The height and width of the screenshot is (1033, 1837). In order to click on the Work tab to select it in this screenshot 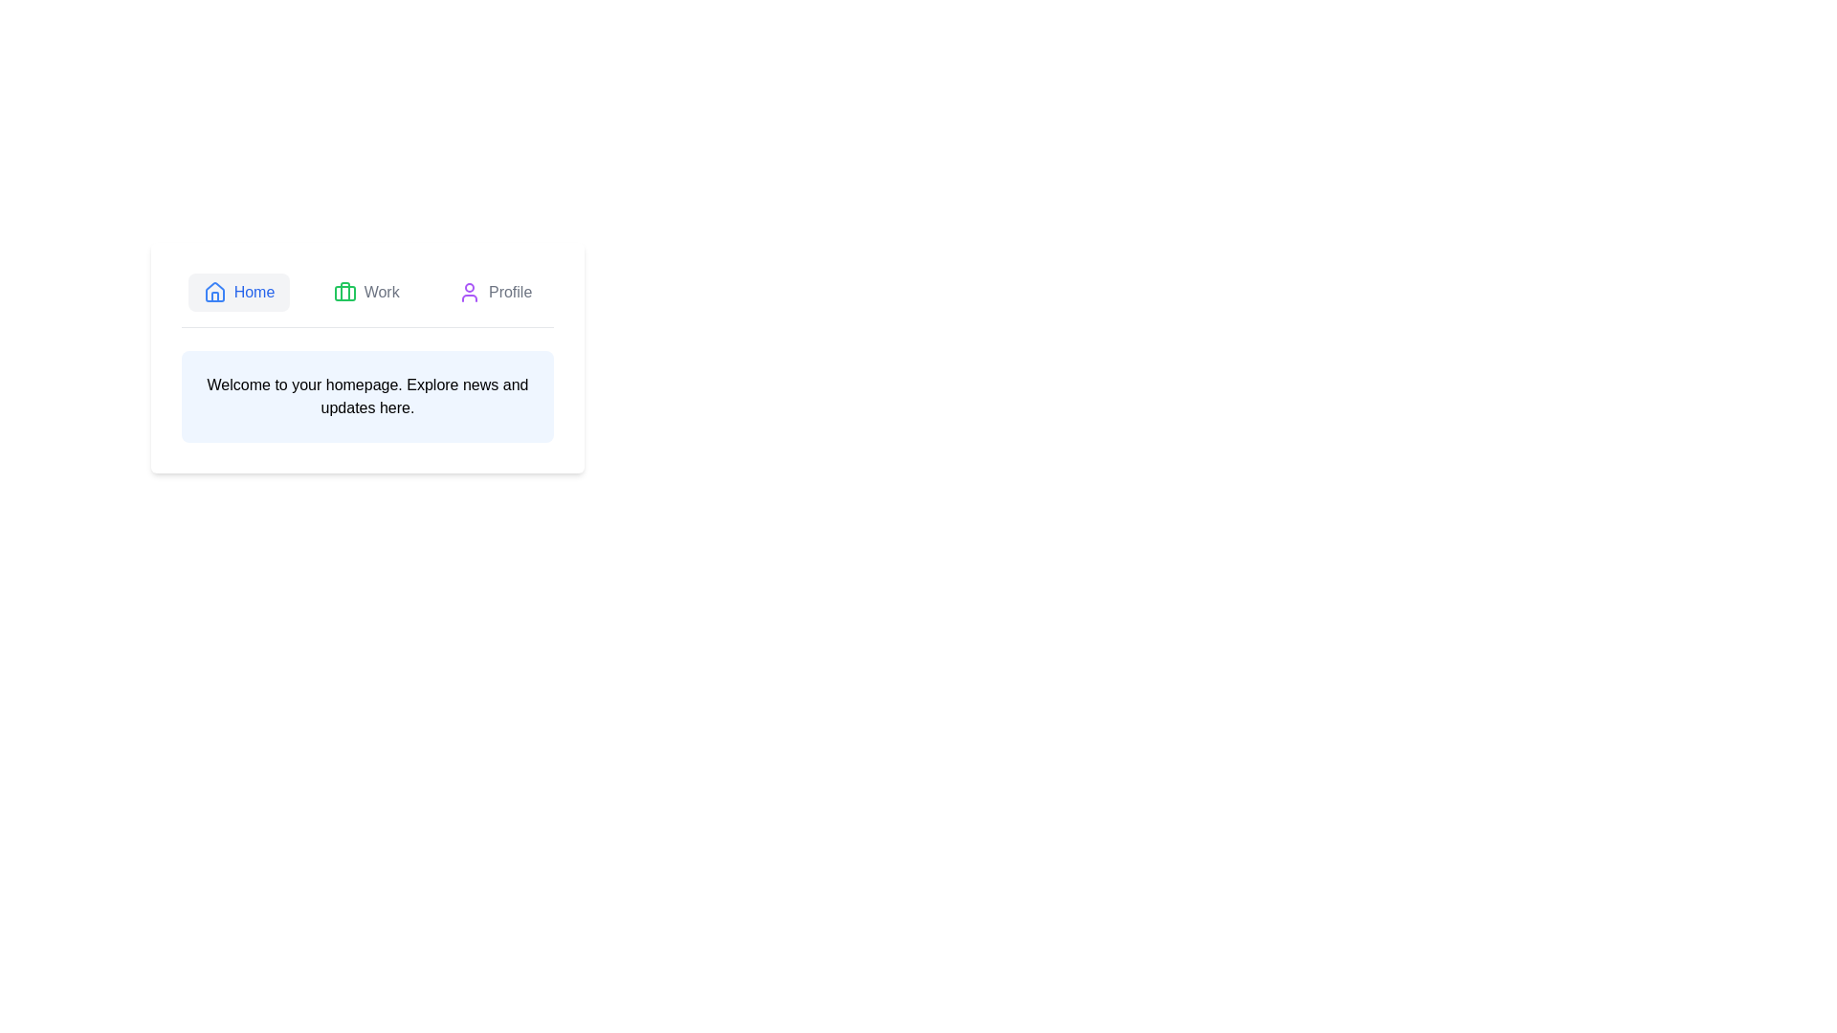, I will do `click(366, 292)`.